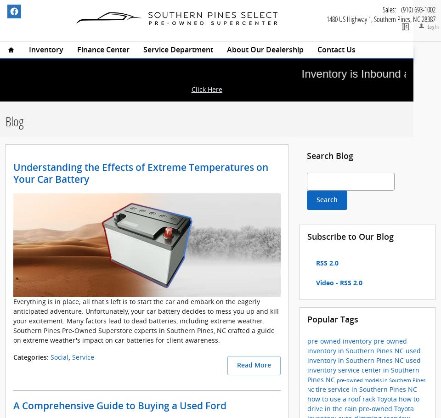 This screenshot has width=441, height=418. I want to click on 'Popular Tags', so click(307, 319).